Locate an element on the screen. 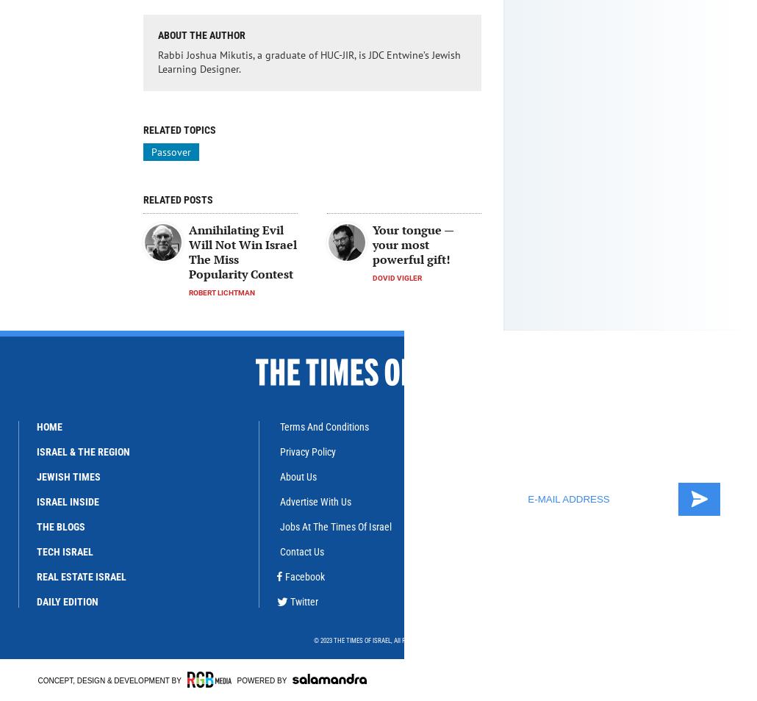 Image resolution: width=757 pixels, height=701 pixels. 'Concept, design &' is located at coordinates (75, 680).